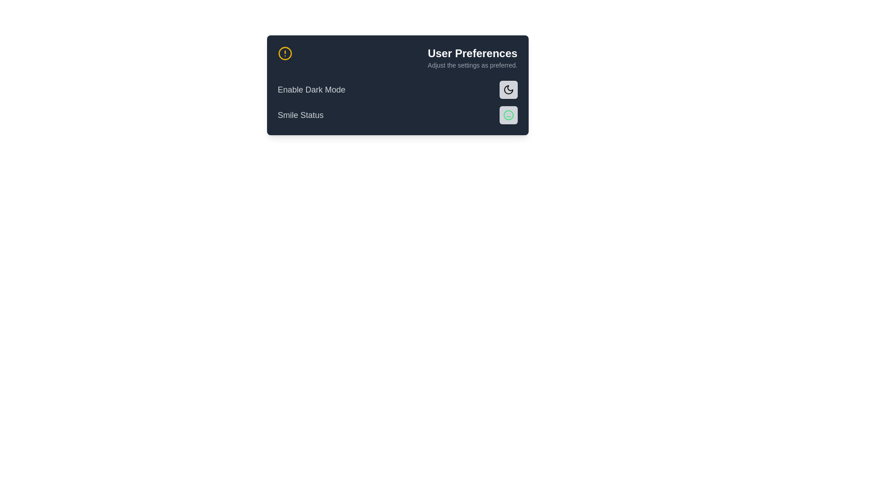 The height and width of the screenshot is (490, 872). Describe the element at coordinates (508, 115) in the screenshot. I see `the outer circular part of the smiley face icon, which conveys a positive emotional status, located adjacent to the 'Smile Status' label in the right area of the card-like component` at that location.